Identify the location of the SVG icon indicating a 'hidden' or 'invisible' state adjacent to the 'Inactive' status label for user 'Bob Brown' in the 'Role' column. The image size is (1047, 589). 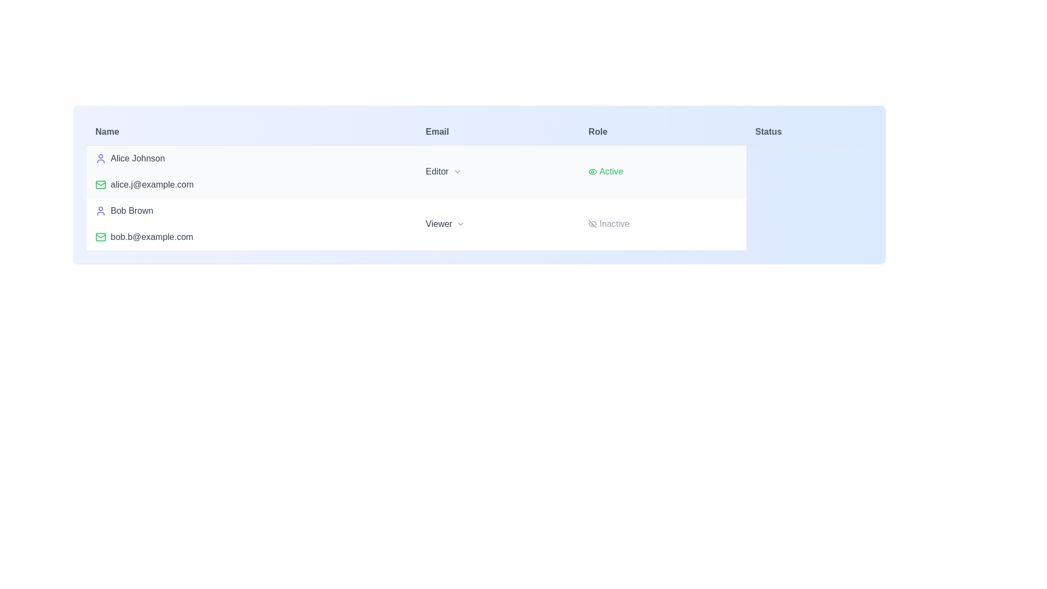
(592, 224).